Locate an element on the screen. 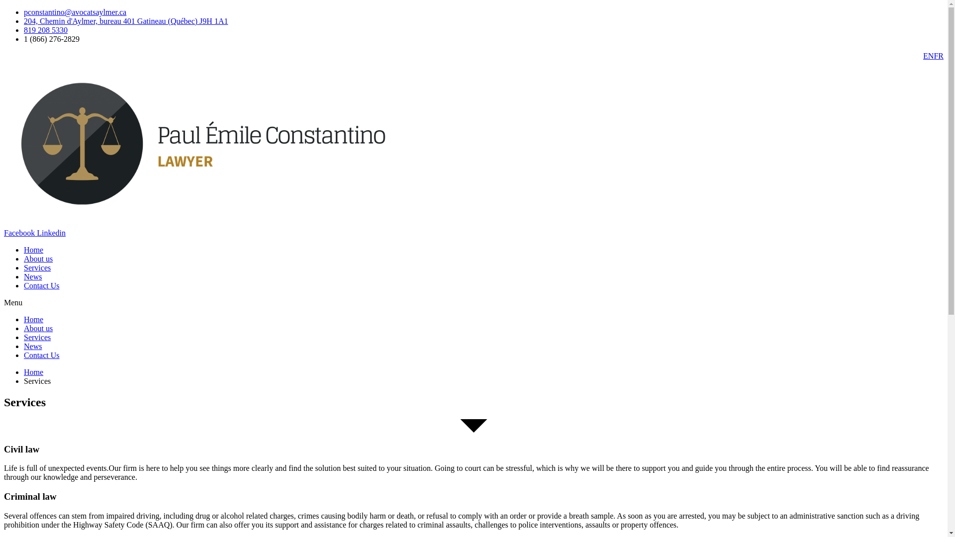  'Contact Us' is located at coordinates (41, 355).